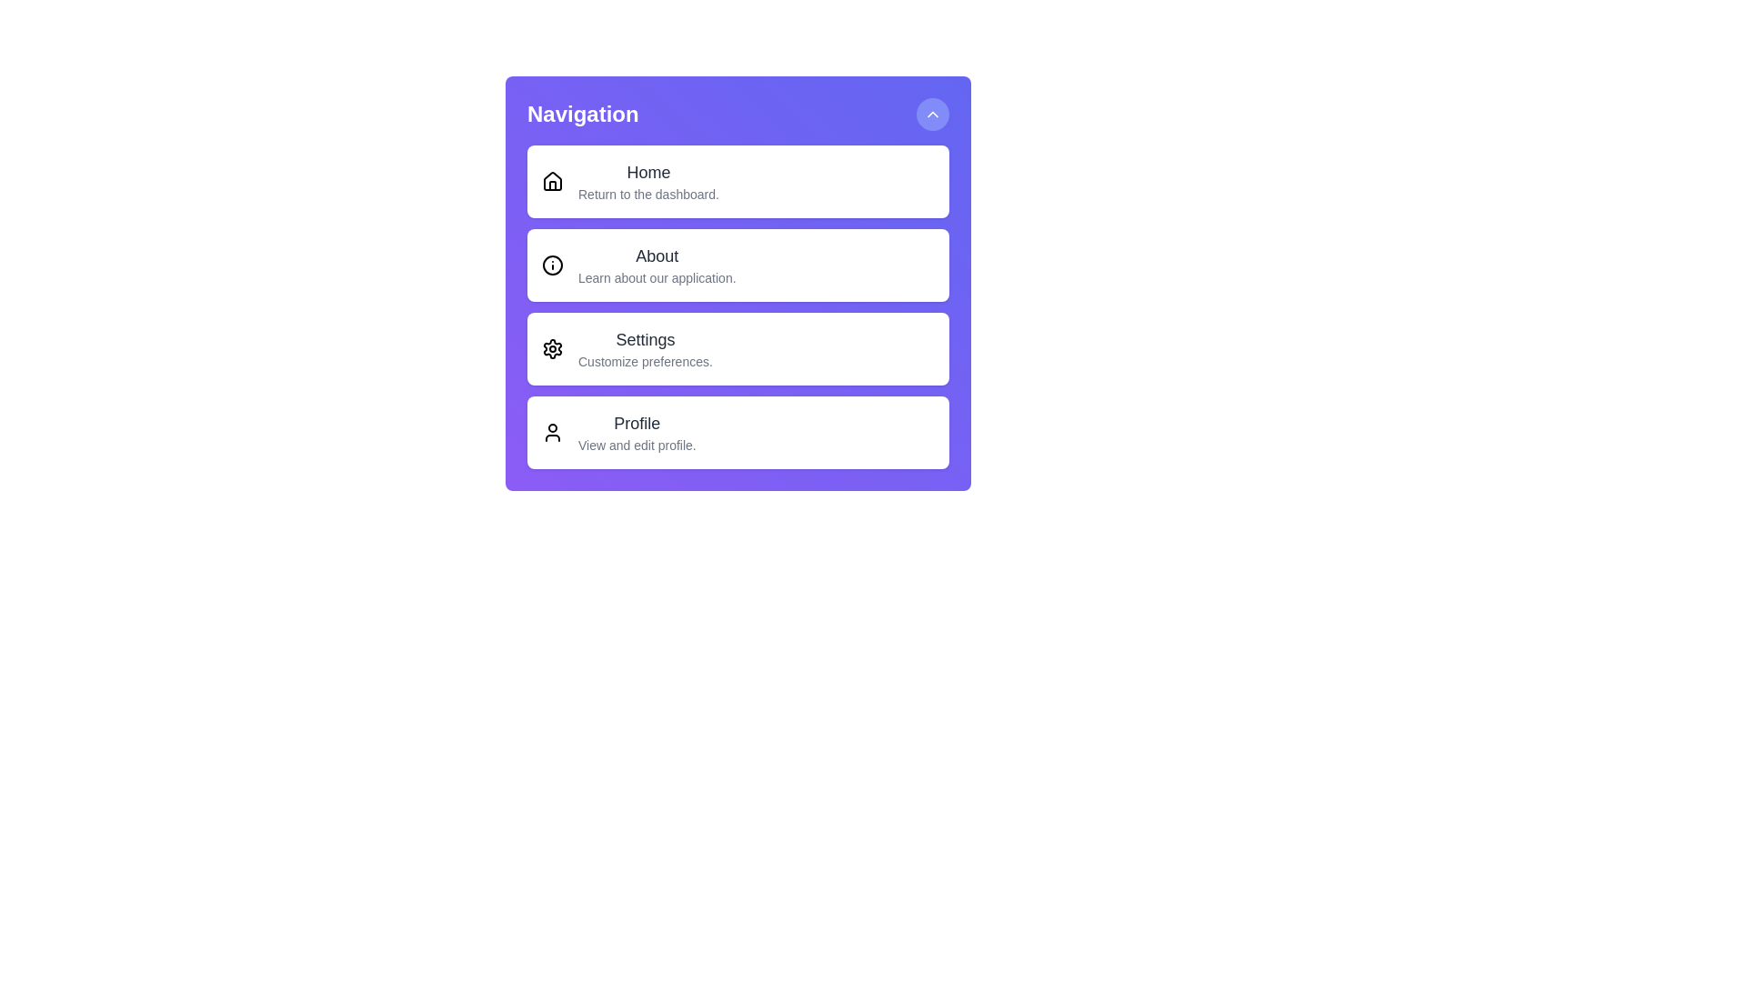 This screenshot has height=982, width=1746. What do you see at coordinates (552, 349) in the screenshot?
I see `the icon for Settings` at bounding box center [552, 349].